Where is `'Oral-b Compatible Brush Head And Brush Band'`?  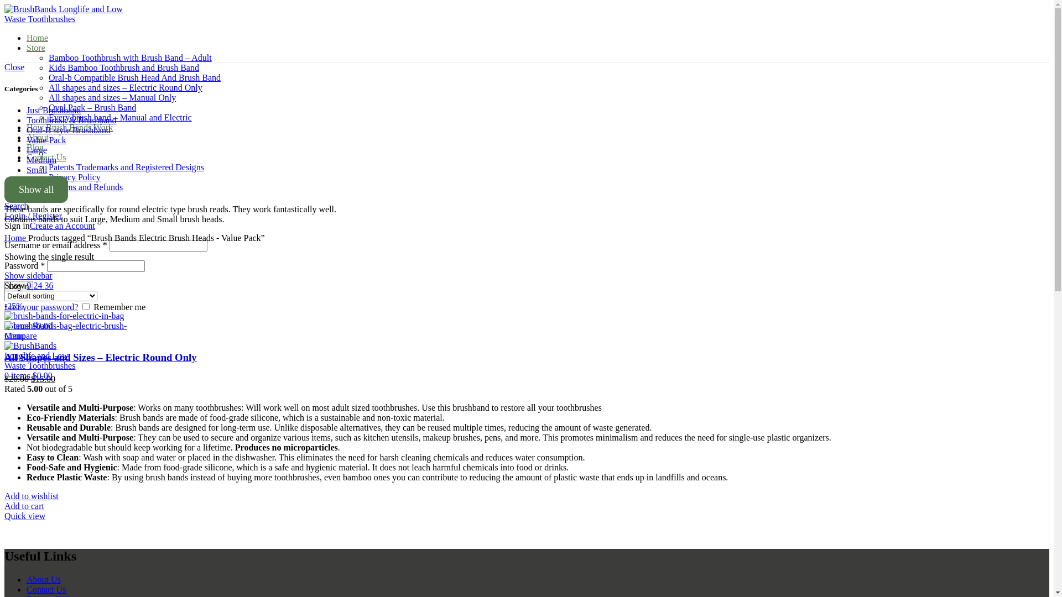 'Oral-b Compatible Brush Head And Brush Band' is located at coordinates (134, 77).